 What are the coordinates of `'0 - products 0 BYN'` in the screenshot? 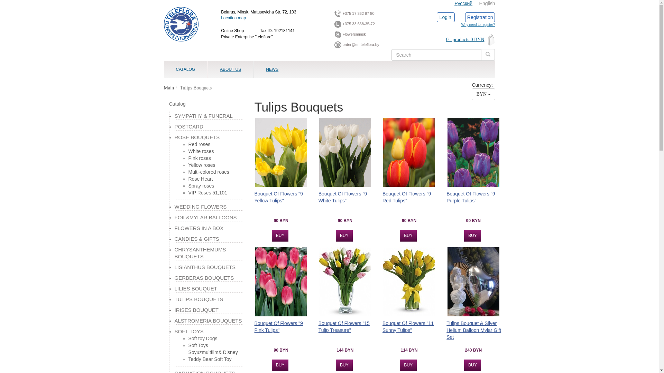 It's located at (456, 38).